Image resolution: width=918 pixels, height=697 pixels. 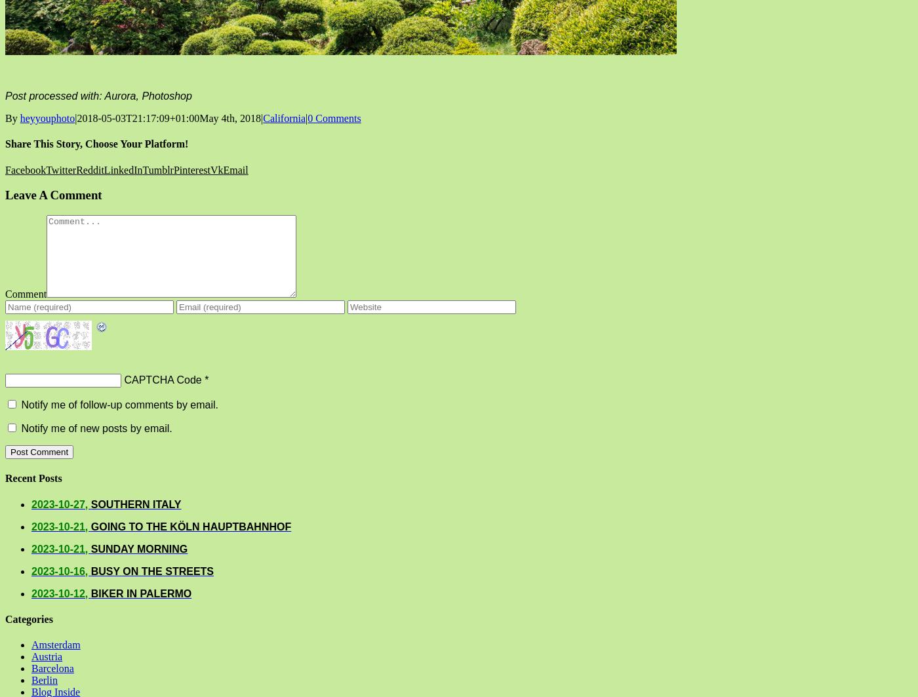 I want to click on 'California', so click(x=284, y=118).